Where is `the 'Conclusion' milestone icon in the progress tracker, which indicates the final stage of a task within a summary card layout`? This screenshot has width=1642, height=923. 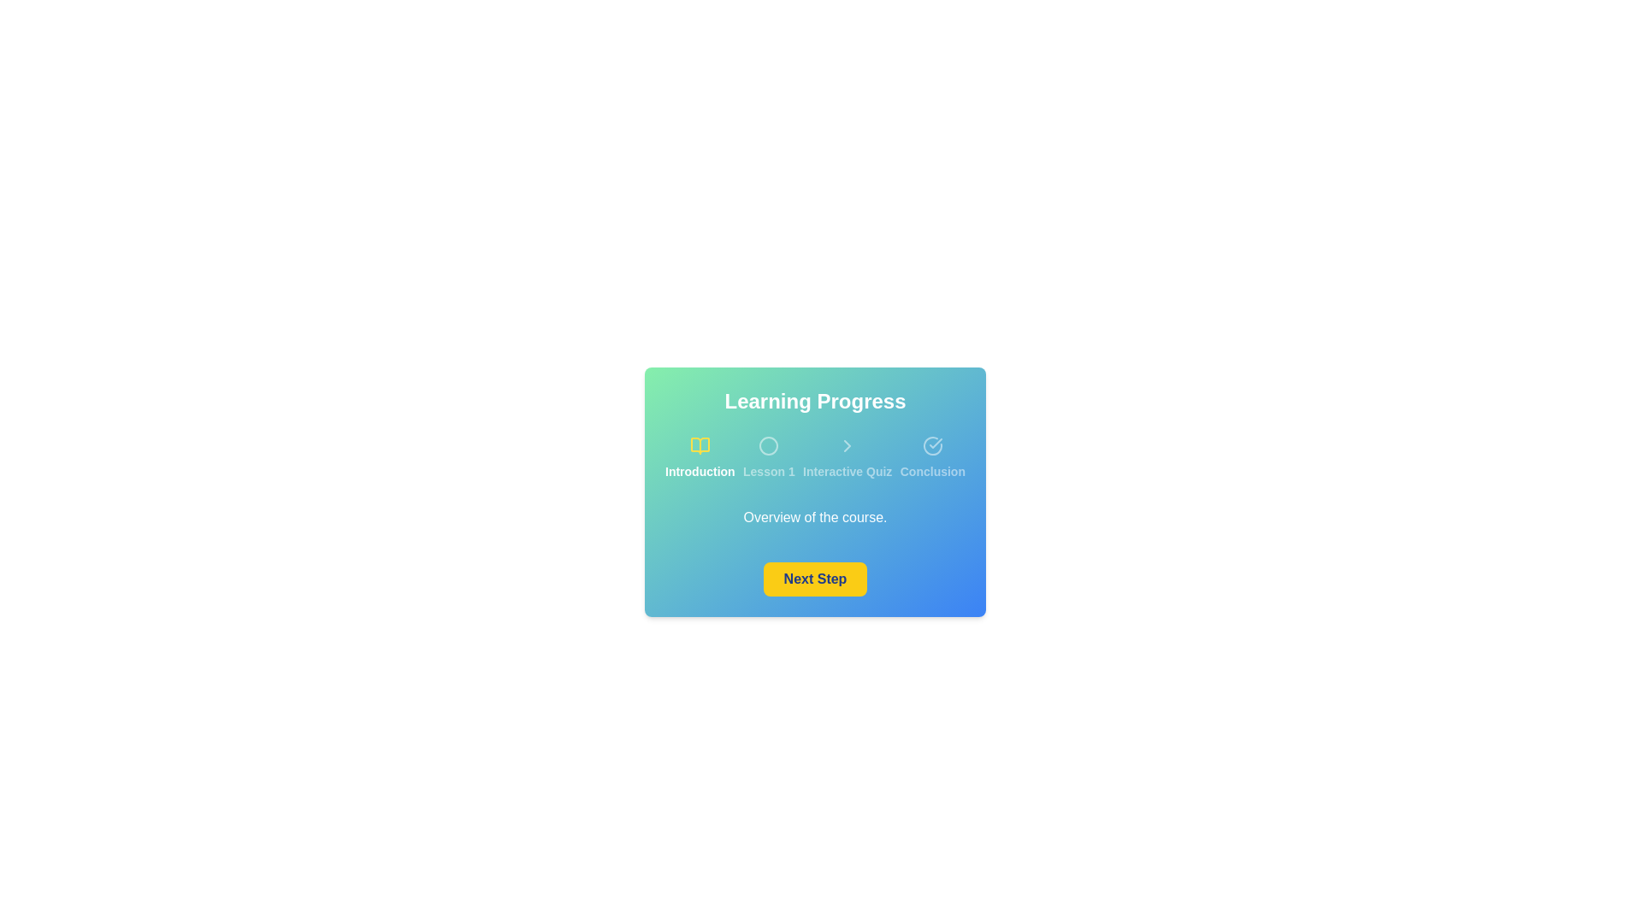 the 'Conclusion' milestone icon in the progress tracker, which indicates the final stage of a task within a summary card layout is located at coordinates (931, 444).